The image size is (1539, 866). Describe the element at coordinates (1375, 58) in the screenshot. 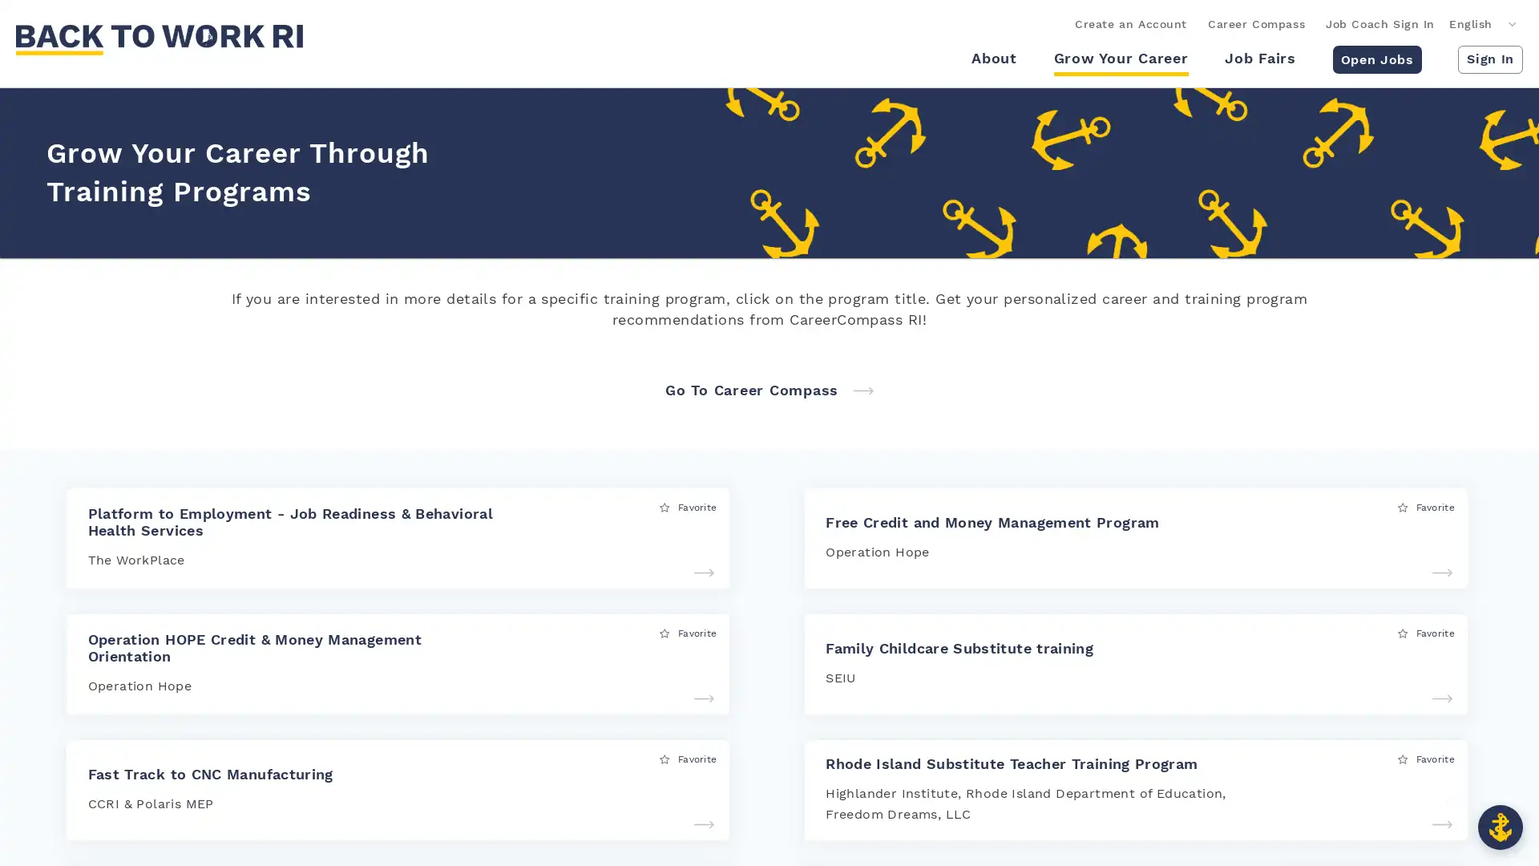

I see `Open Jobs` at that location.